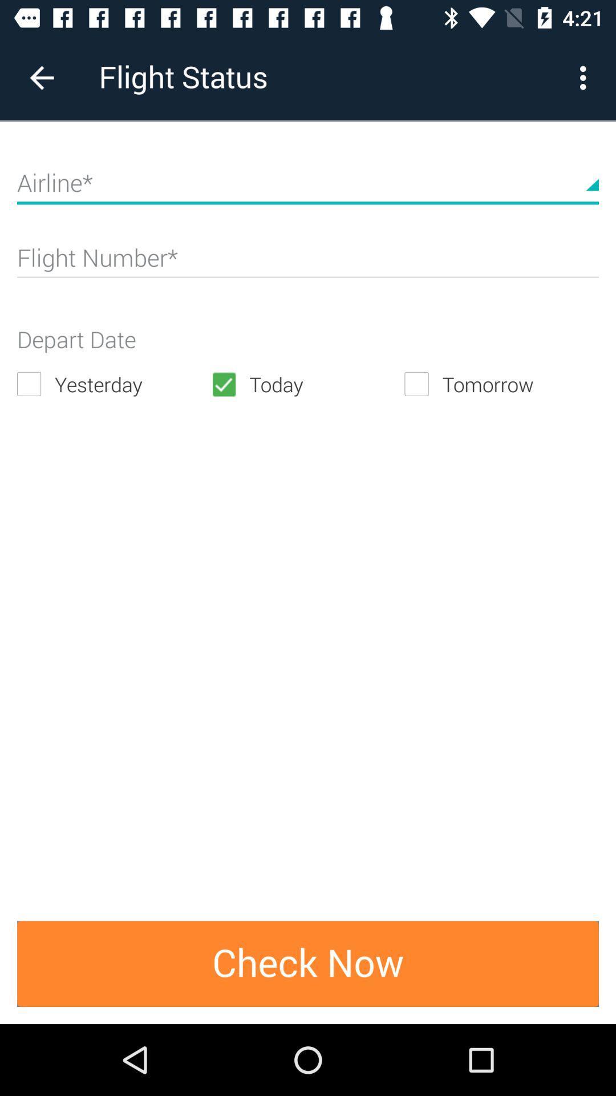 This screenshot has height=1096, width=616. What do you see at coordinates (501, 384) in the screenshot?
I see `tomorrow` at bounding box center [501, 384].